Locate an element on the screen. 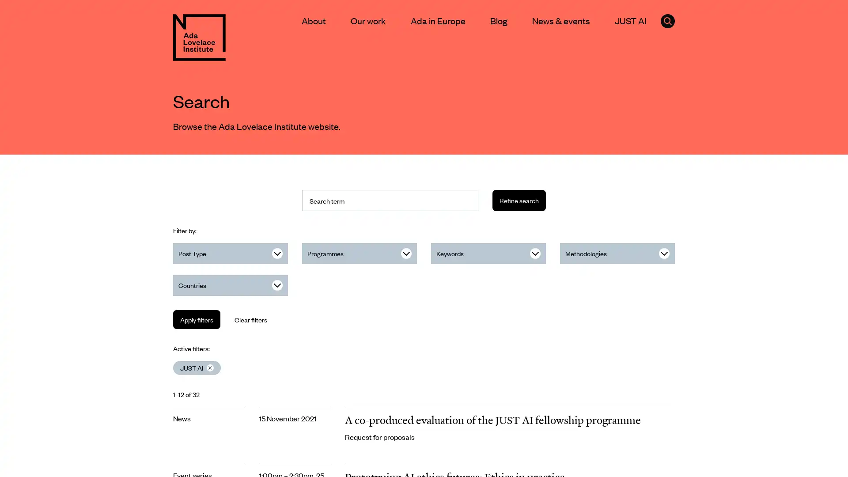  Refine search is located at coordinates (519, 201).